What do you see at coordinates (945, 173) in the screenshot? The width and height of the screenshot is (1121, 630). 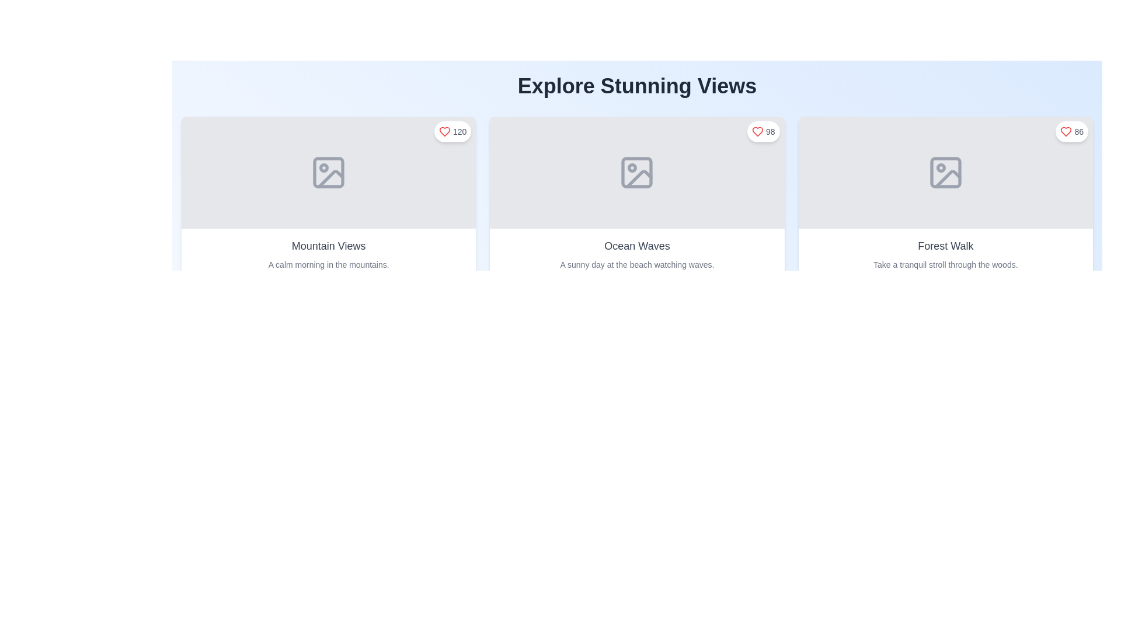 I see `the icon component representing an image placeholder within the 'Forest Walk' card, which is the third card under the heading 'Explore Stunning Views'` at bounding box center [945, 173].